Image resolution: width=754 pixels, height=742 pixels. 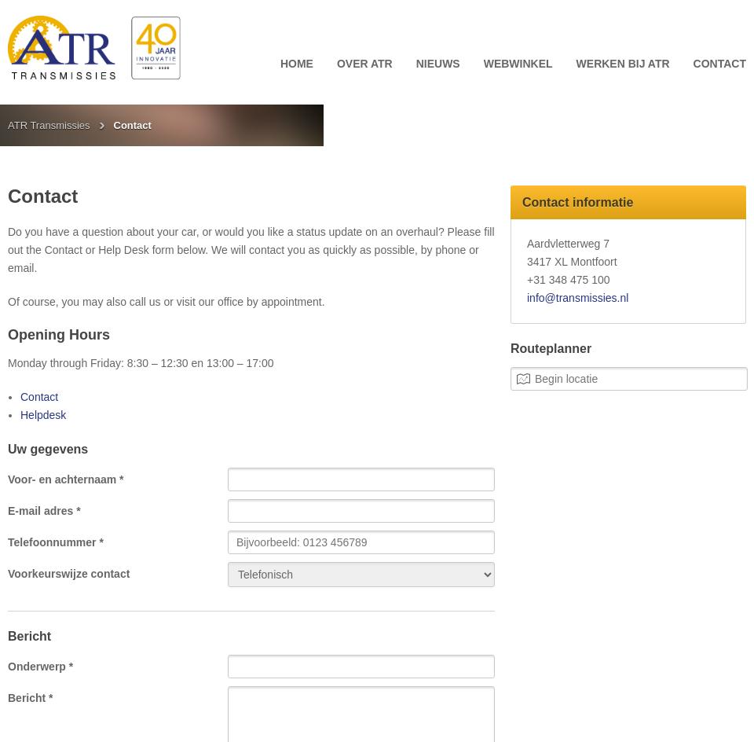 What do you see at coordinates (166, 302) in the screenshot?
I see `'Of course, you may also call us or visit our office by appointment.'` at bounding box center [166, 302].